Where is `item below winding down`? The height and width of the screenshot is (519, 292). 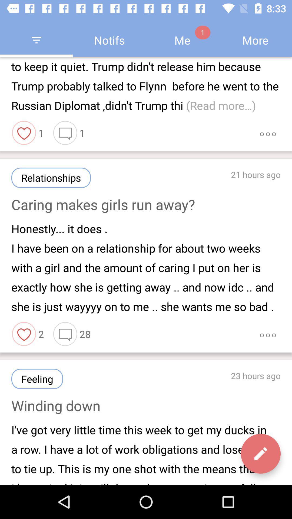
item below winding down is located at coordinates (146, 453).